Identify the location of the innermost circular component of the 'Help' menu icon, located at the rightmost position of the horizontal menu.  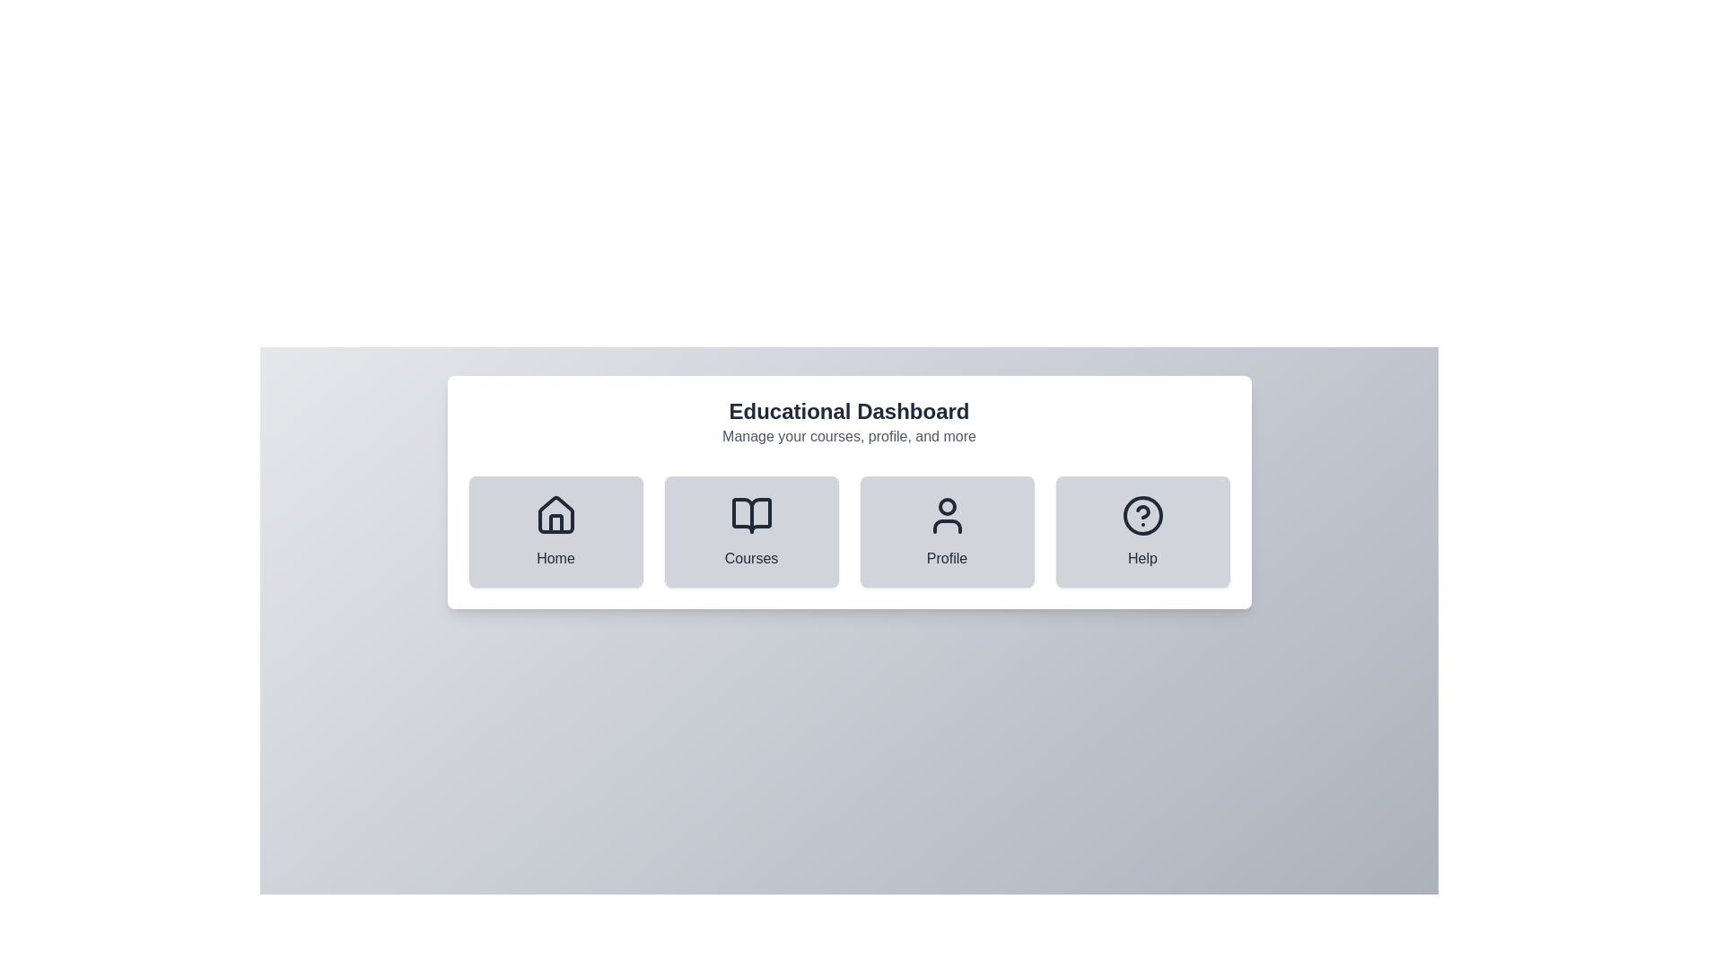
(1141, 515).